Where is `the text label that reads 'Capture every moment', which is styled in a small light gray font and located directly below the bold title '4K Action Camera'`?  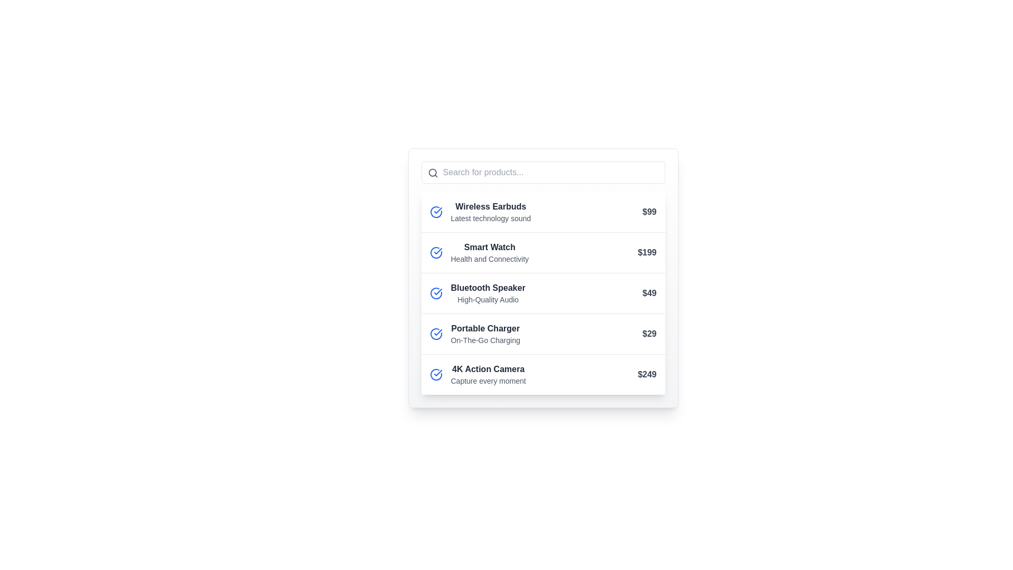 the text label that reads 'Capture every moment', which is styled in a small light gray font and located directly below the bold title '4K Action Camera' is located at coordinates (488, 381).